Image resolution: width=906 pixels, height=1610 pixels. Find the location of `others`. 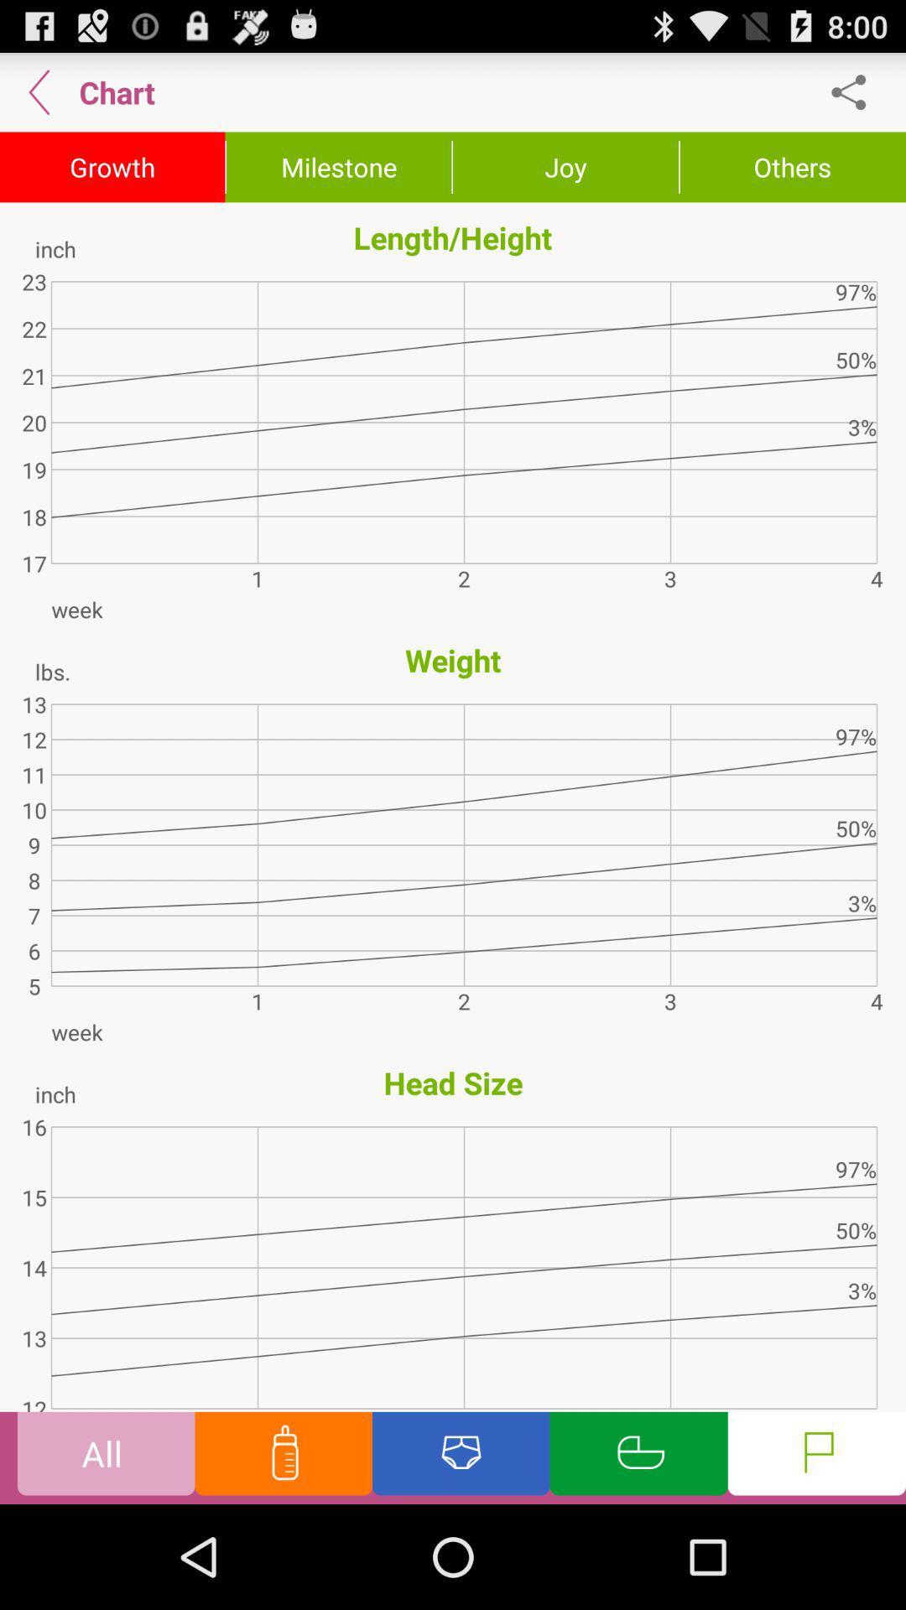

others is located at coordinates (793, 167).